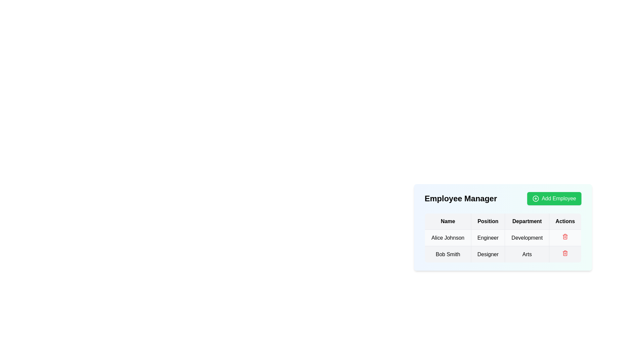 This screenshot has height=357, width=635. Describe the element at coordinates (488, 237) in the screenshot. I see `the non-interactive TextLabel indicating the job position of 'Alice Johnson' in the 'Position' column of the 'Employee Manager' table` at that location.